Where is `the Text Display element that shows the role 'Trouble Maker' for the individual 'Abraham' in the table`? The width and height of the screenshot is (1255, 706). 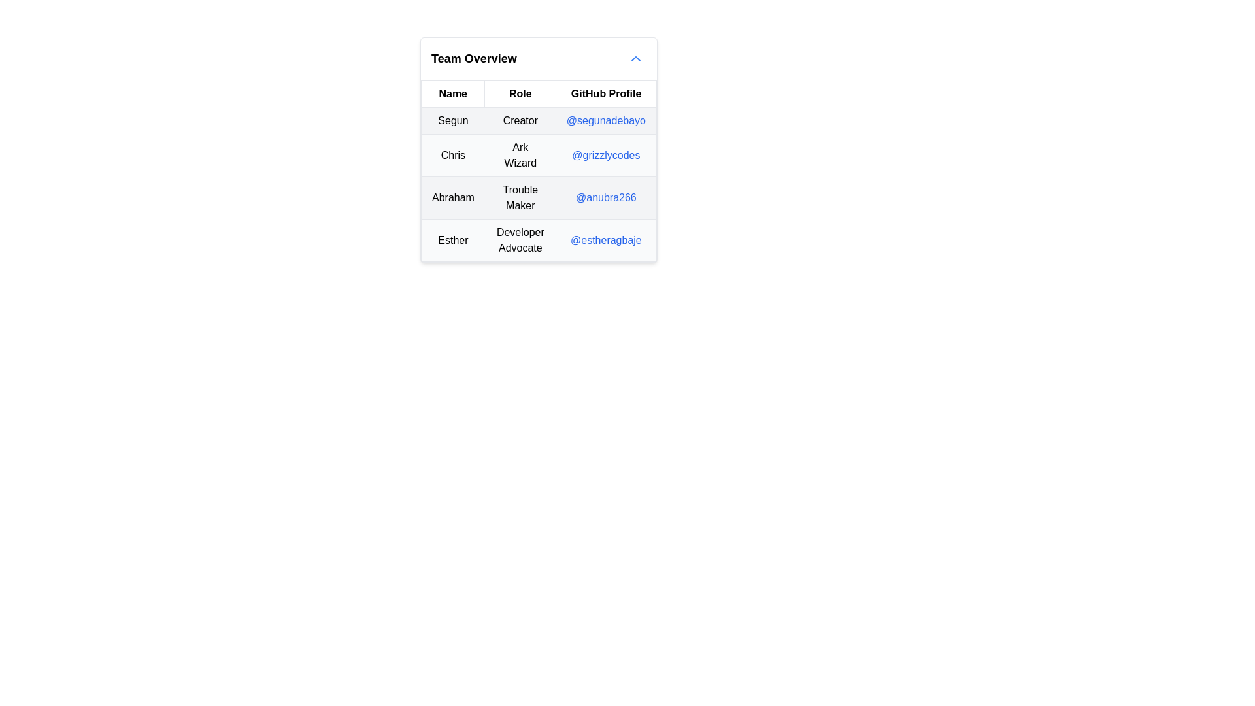 the Text Display element that shows the role 'Trouble Maker' for the individual 'Abraham' in the table is located at coordinates (520, 198).